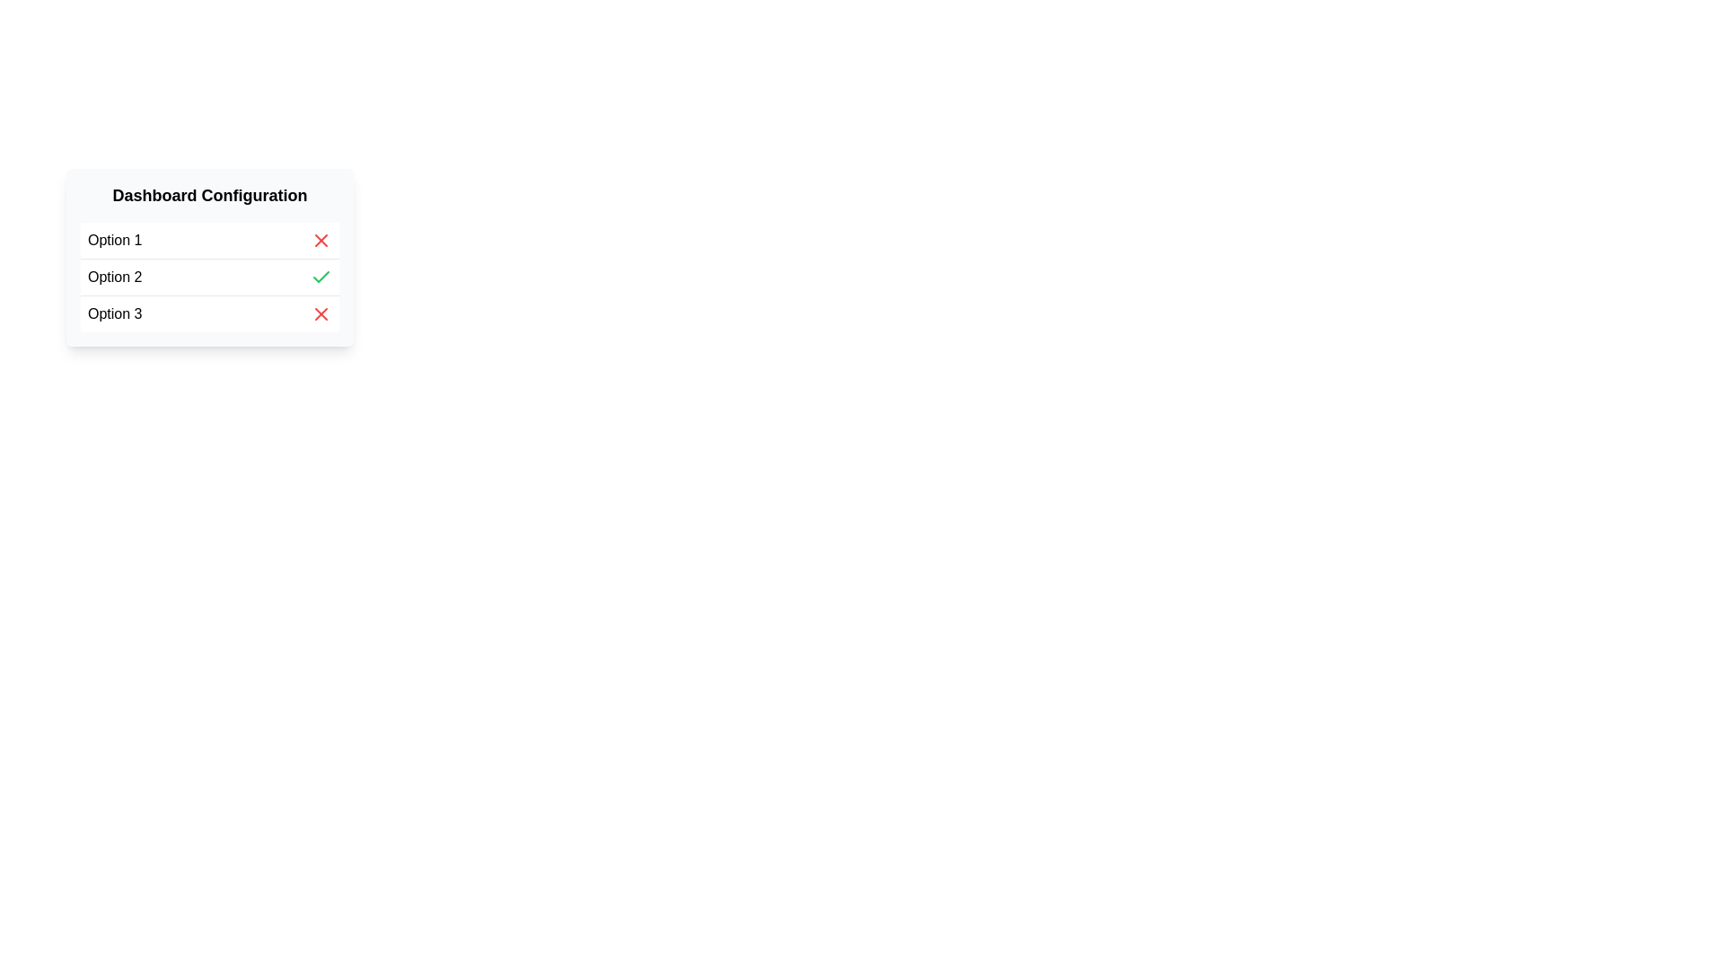 The image size is (1724, 970). What do you see at coordinates (321, 313) in the screenshot?
I see `the red cross icon indicating that 'Option 3' is invalid, located to the right of the 'Option 3' text under the 'Dashboard Configuration' title` at bounding box center [321, 313].